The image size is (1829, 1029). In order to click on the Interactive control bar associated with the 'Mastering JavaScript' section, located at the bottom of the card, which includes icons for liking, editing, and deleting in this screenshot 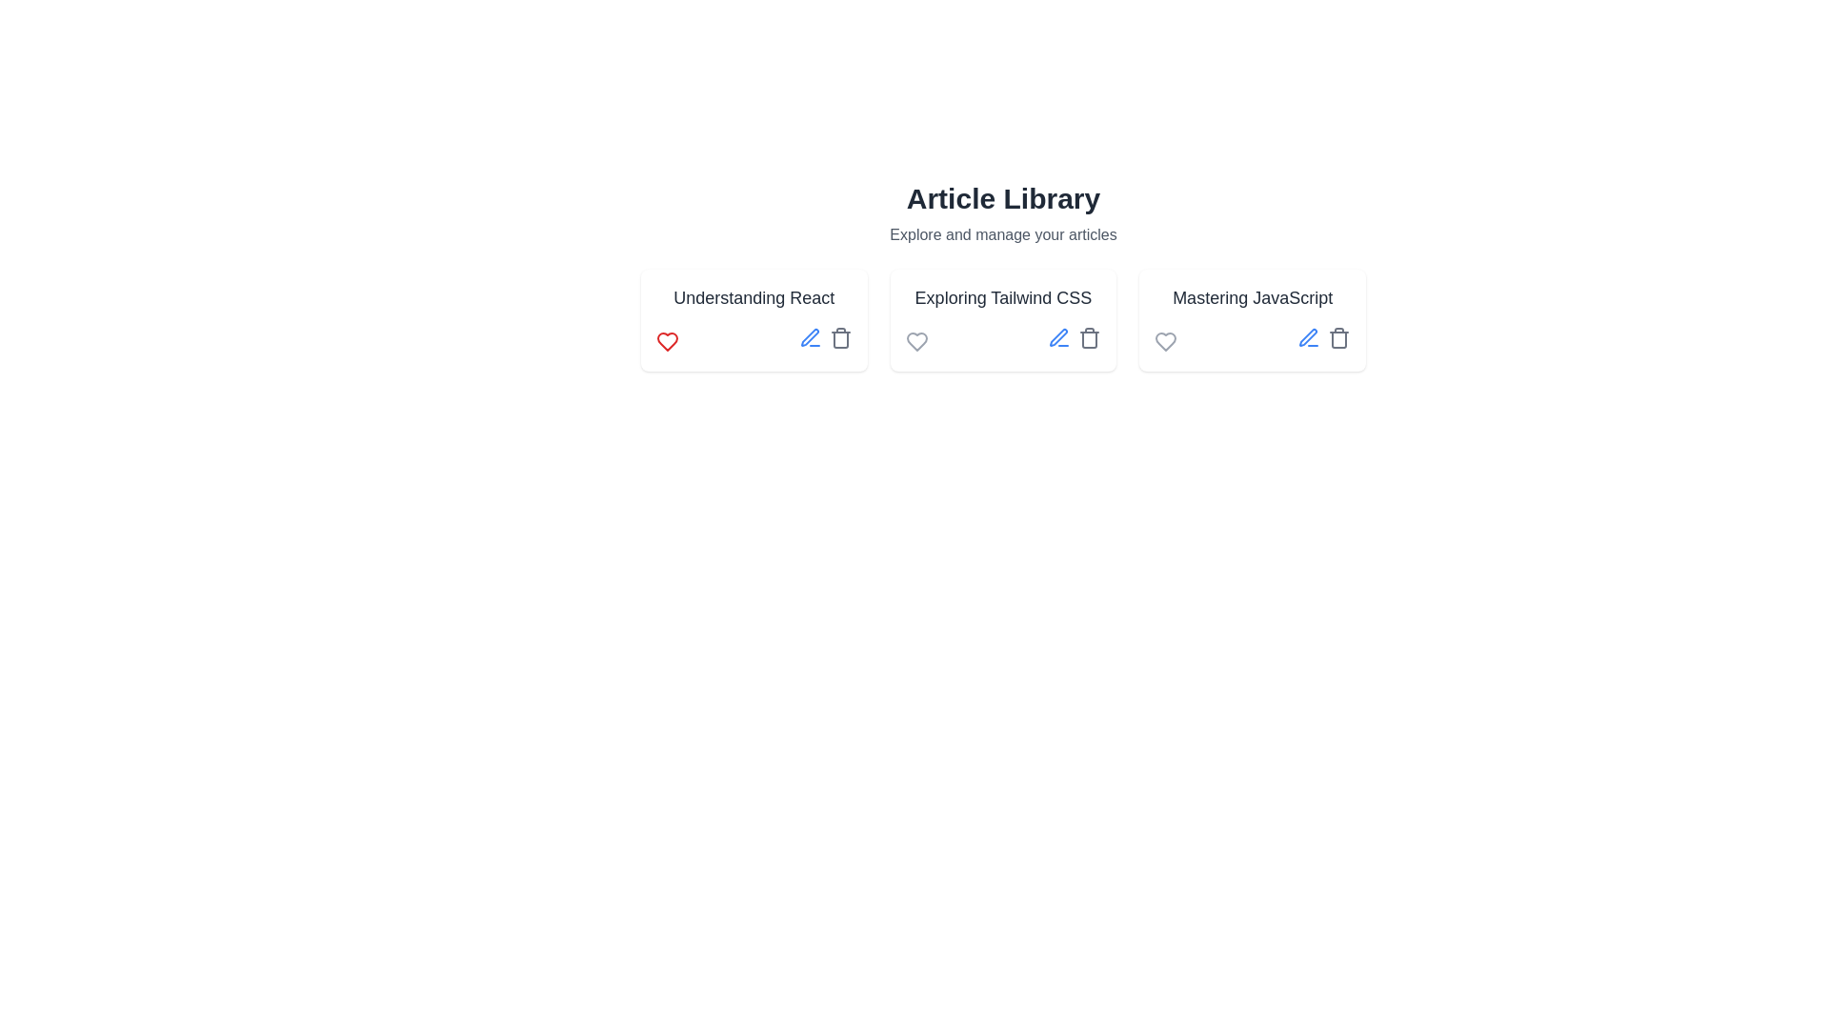, I will do `click(1253, 340)`.